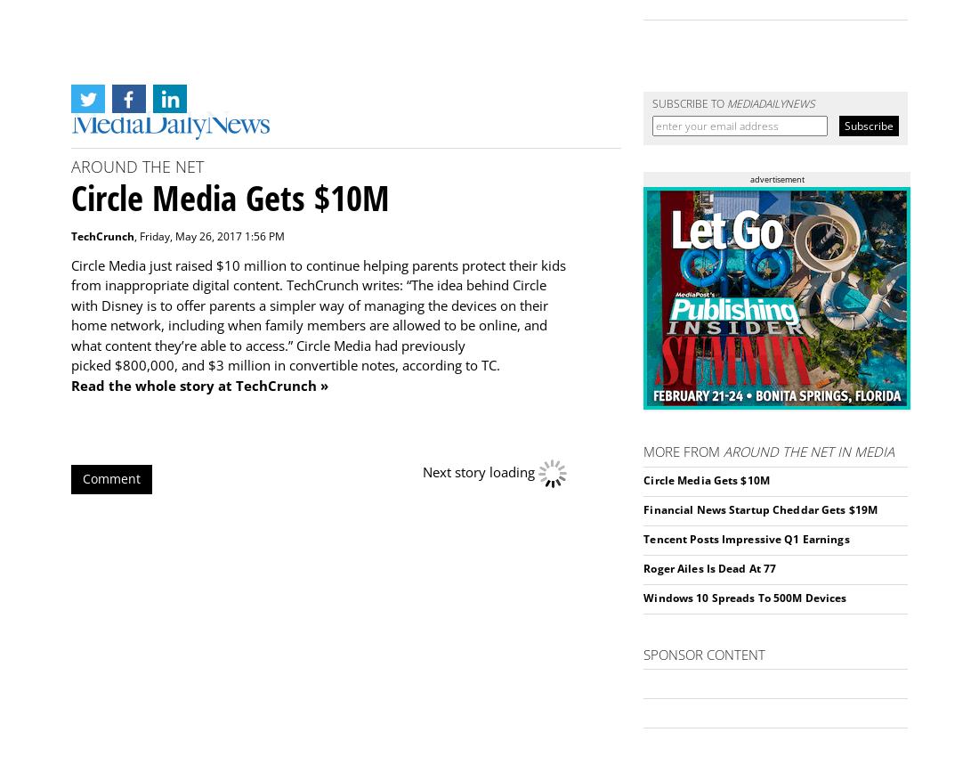 The height and width of the screenshot is (773, 979). What do you see at coordinates (643, 597) in the screenshot?
I see `'Windows 10 Spreads To 500M Devices'` at bounding box center [643, 597].